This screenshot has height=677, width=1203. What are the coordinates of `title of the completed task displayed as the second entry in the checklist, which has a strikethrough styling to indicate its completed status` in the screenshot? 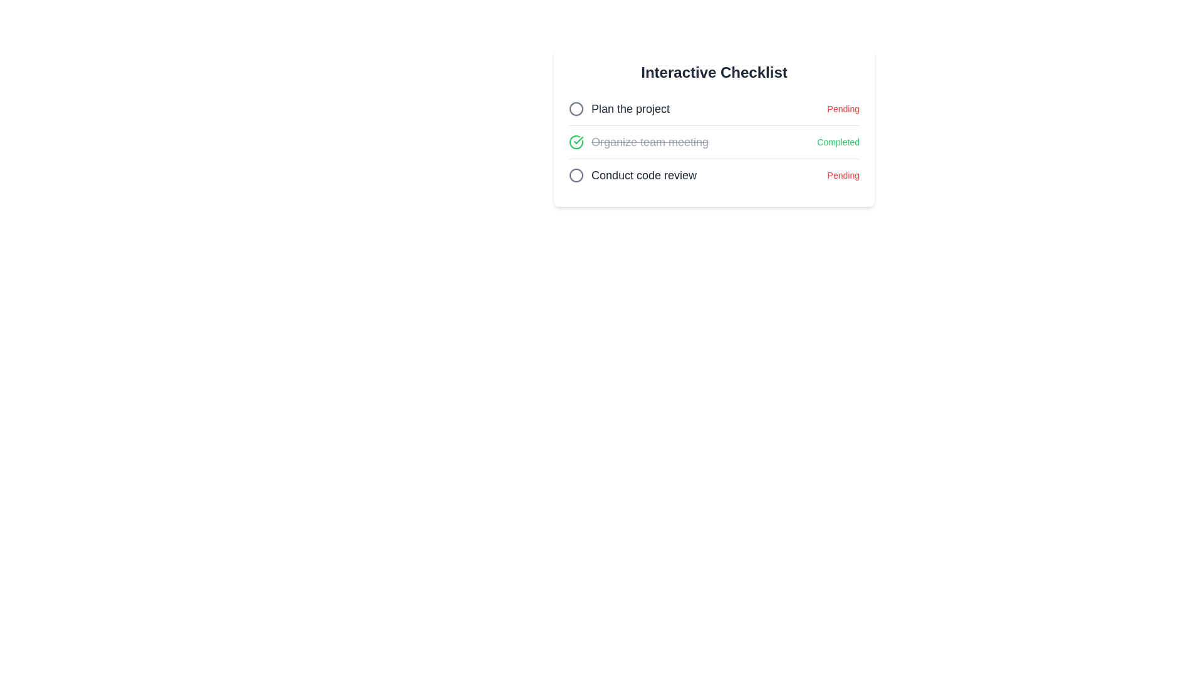 It's located at (650, 142).